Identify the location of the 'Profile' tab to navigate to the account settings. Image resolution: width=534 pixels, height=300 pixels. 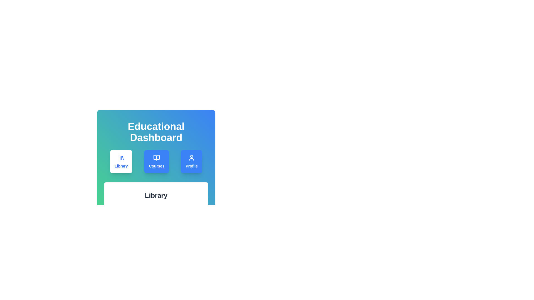
(192, 162).